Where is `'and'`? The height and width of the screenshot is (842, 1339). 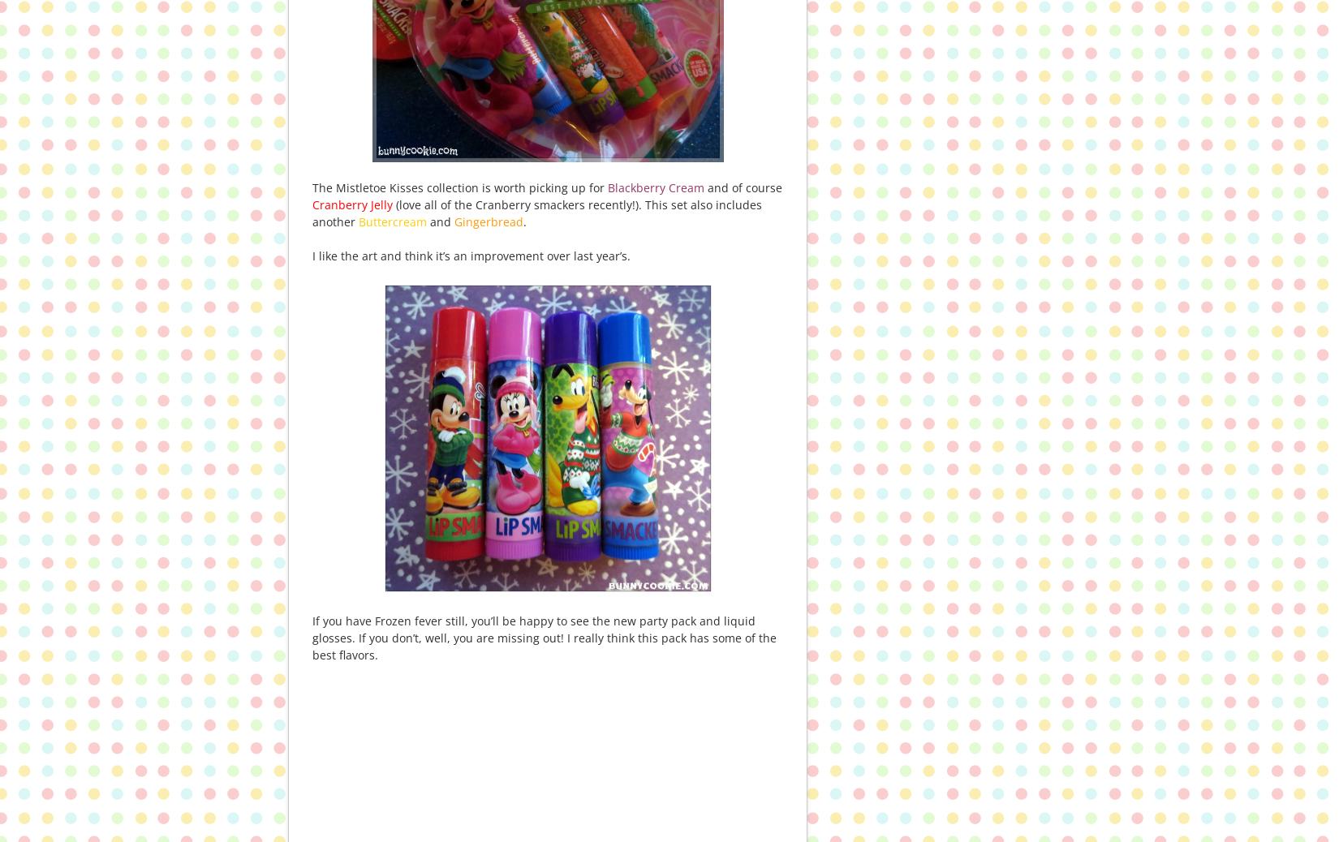 'and' is located at coordinates (438, 221).